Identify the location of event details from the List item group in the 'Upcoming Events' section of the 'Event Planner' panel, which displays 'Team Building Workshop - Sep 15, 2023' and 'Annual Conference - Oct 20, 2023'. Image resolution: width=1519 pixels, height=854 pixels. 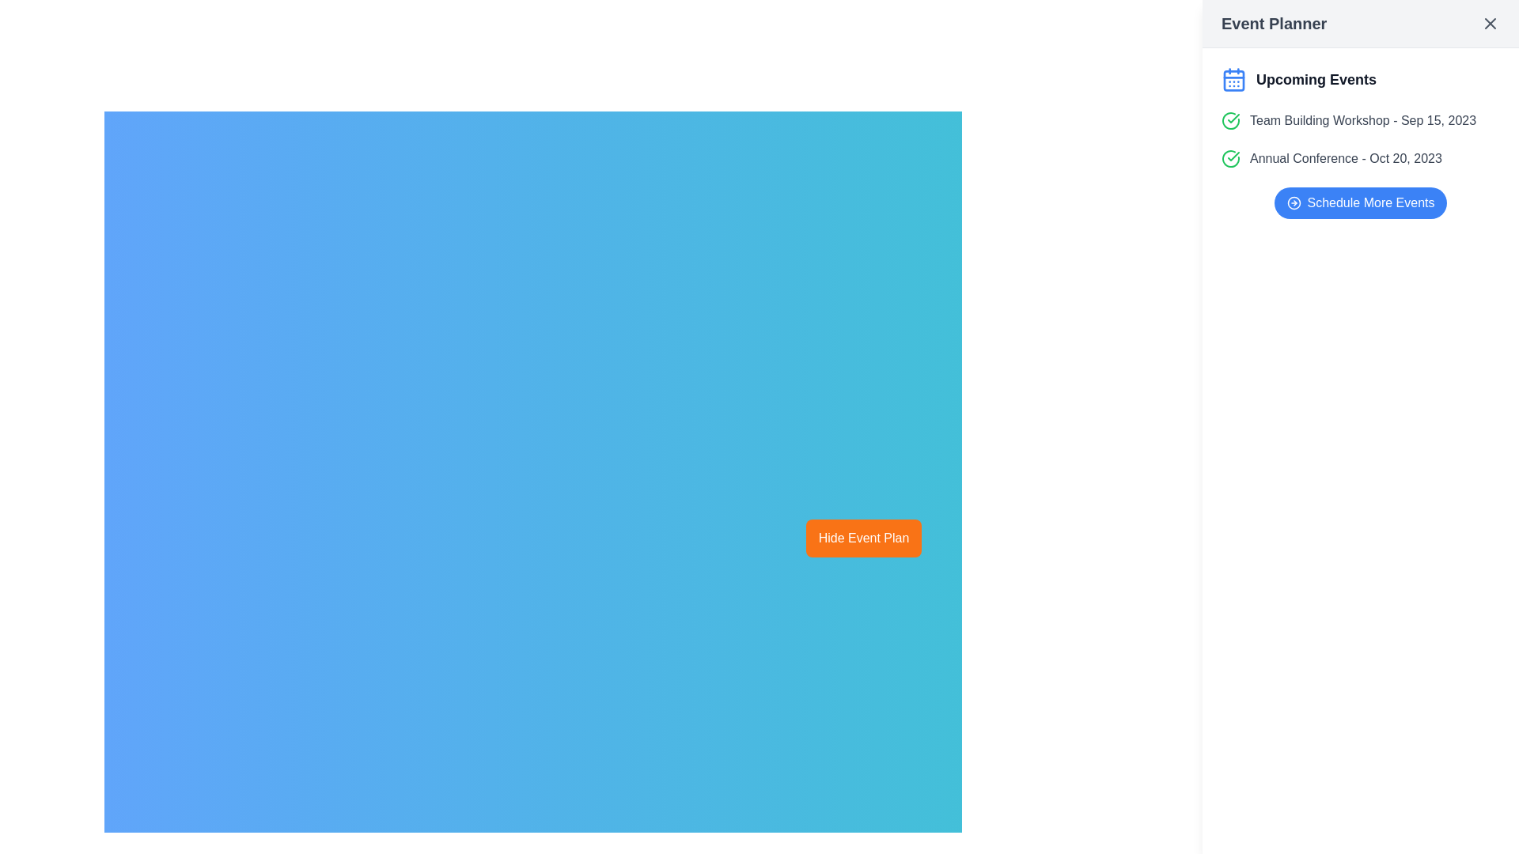
(1359, 139).